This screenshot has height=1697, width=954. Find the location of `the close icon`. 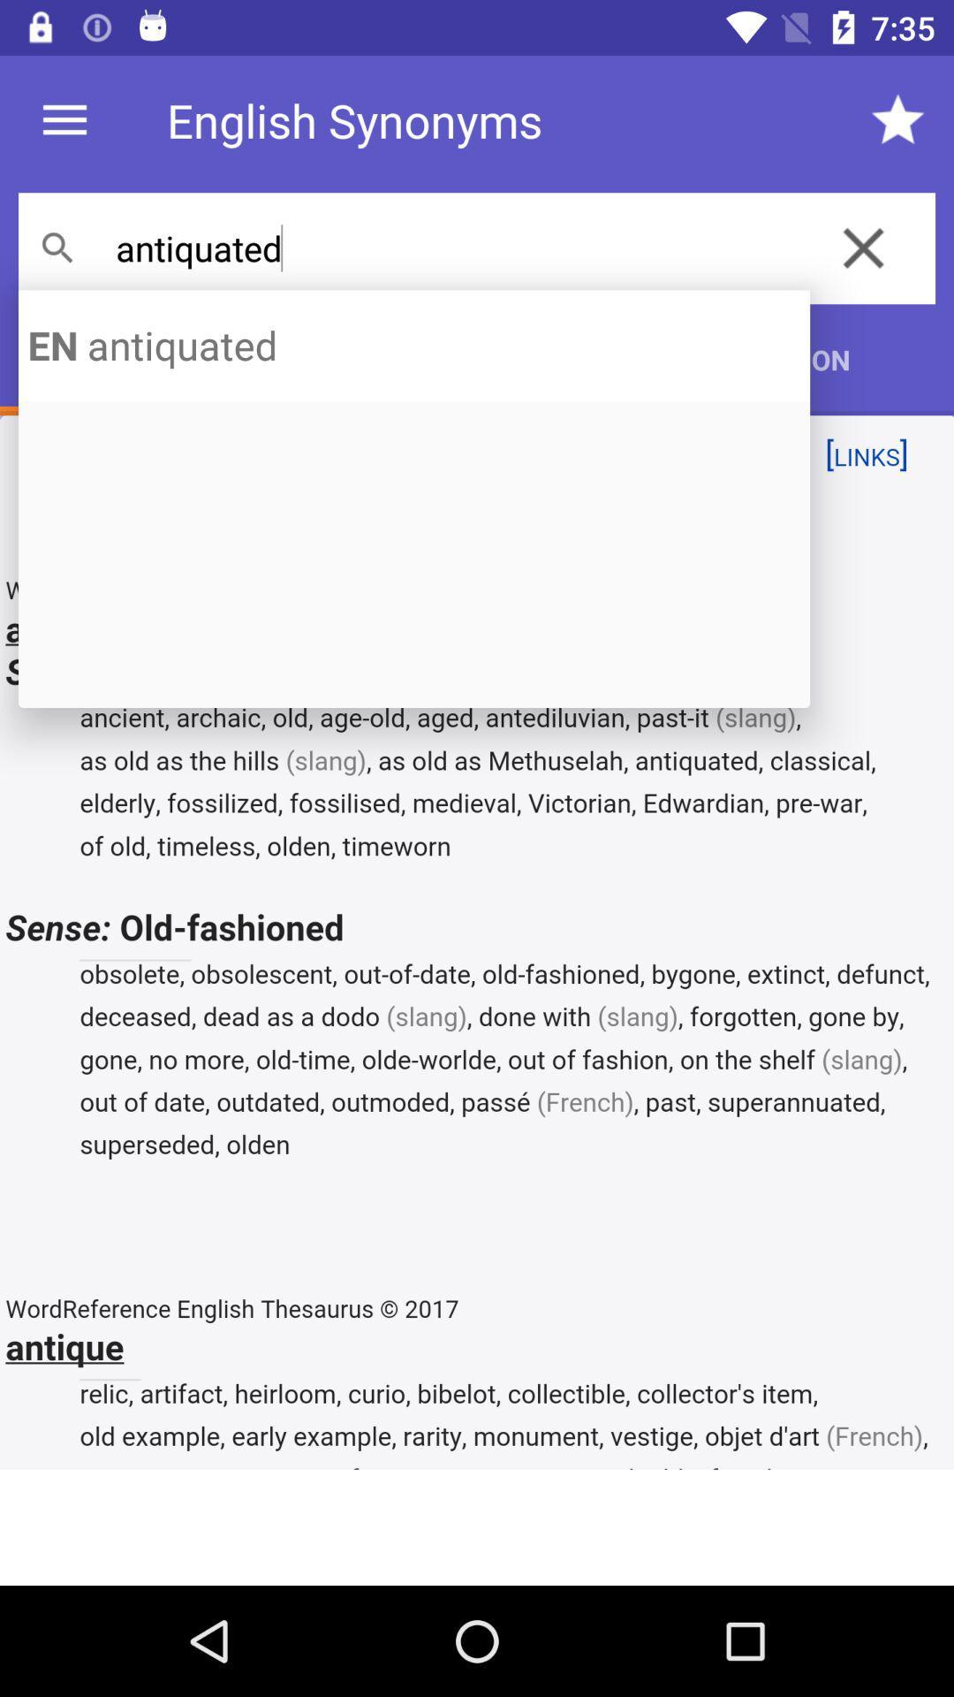

the close icon is located at coordinates (862, 247).